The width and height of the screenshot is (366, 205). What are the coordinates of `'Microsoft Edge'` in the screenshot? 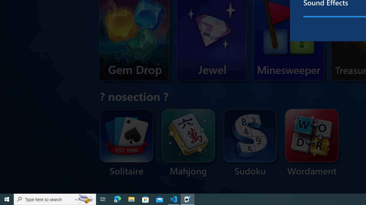 It's located at (117, 199).